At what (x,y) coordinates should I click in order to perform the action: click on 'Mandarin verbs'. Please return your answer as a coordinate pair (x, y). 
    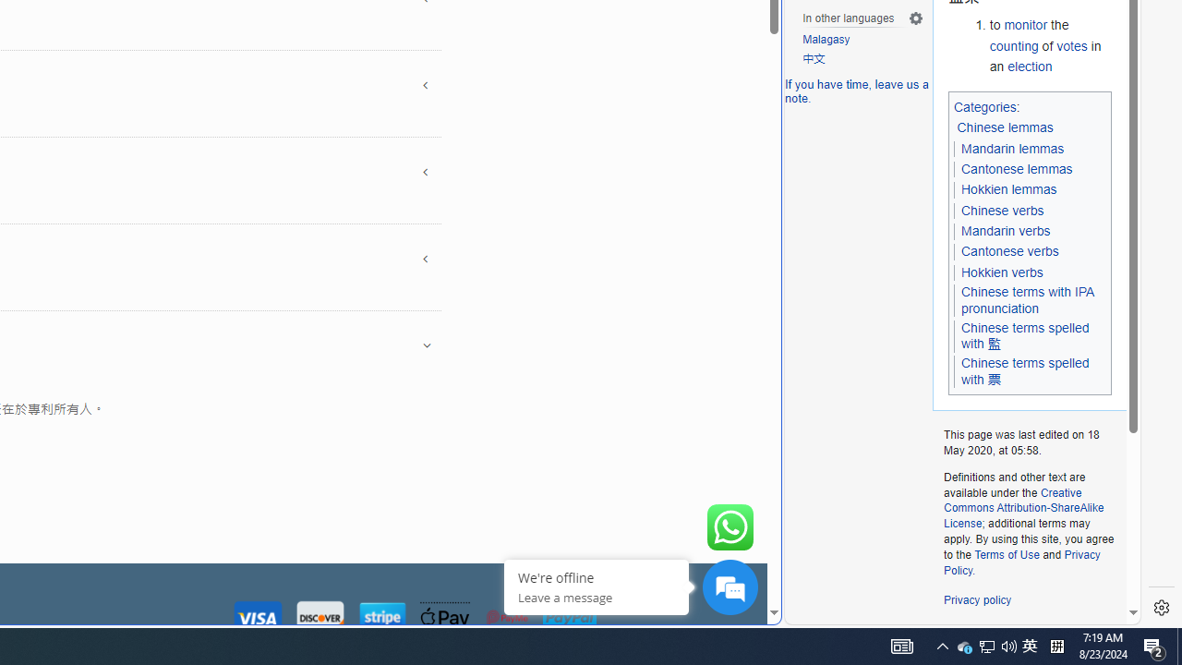
    Looking at the image, I should click on (1005, 230).